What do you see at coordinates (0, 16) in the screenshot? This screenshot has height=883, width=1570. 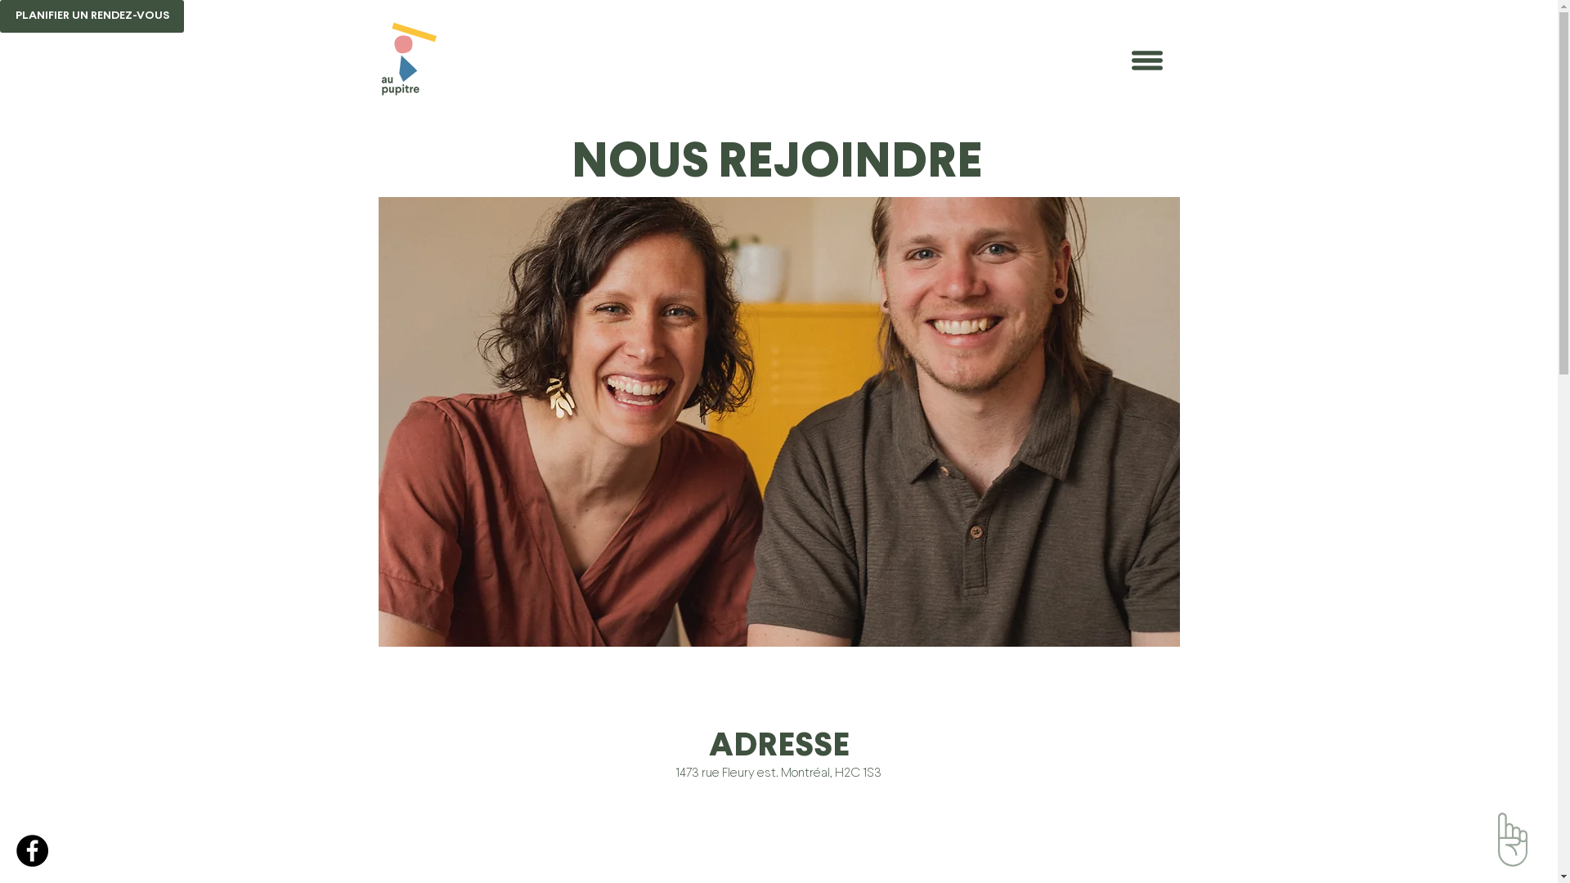 I see `'PLANIFIER UN RENDEZ-VOUS'` at bounding box center [0, 16].